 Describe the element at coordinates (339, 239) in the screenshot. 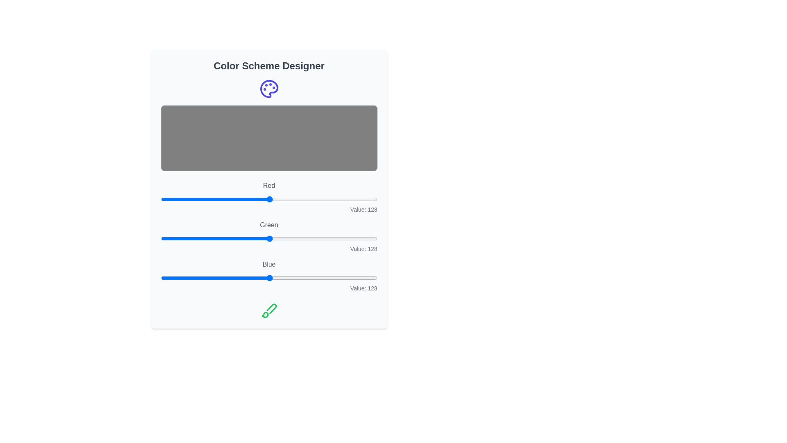

I see `the slider` at that location.